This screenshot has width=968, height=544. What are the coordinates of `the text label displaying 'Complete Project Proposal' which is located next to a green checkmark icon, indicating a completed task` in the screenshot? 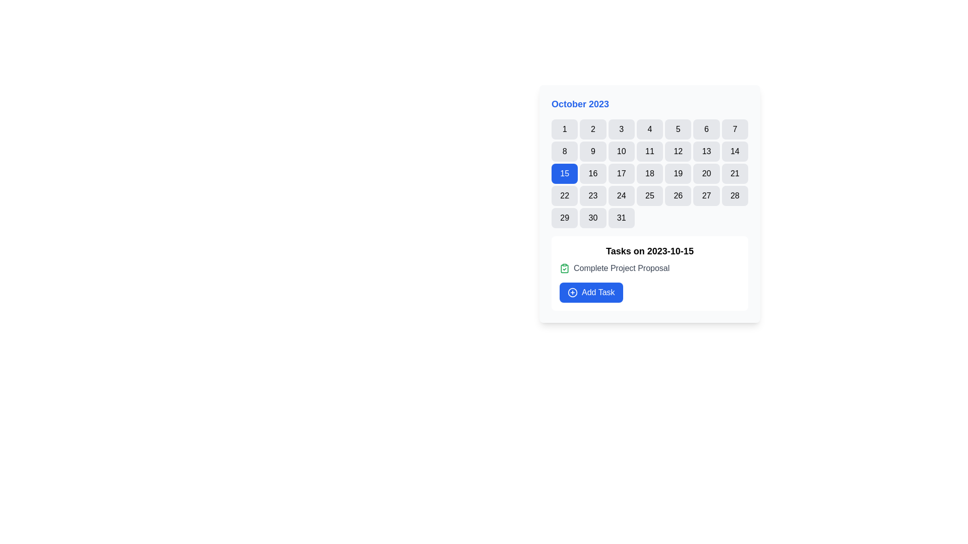 It's located at (621, 267).